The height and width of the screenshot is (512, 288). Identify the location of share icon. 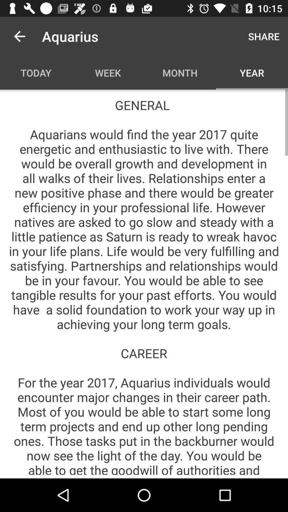
(263, 36).